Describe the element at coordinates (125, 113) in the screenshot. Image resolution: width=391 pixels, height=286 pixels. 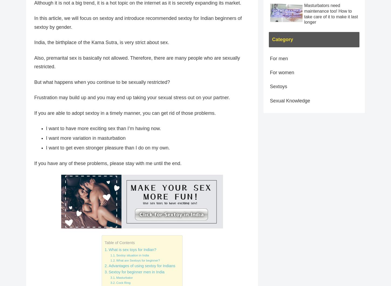
I see `'If you are able to adopt sextoy in a timely manner, you can get rid of those problems.'` at that location.